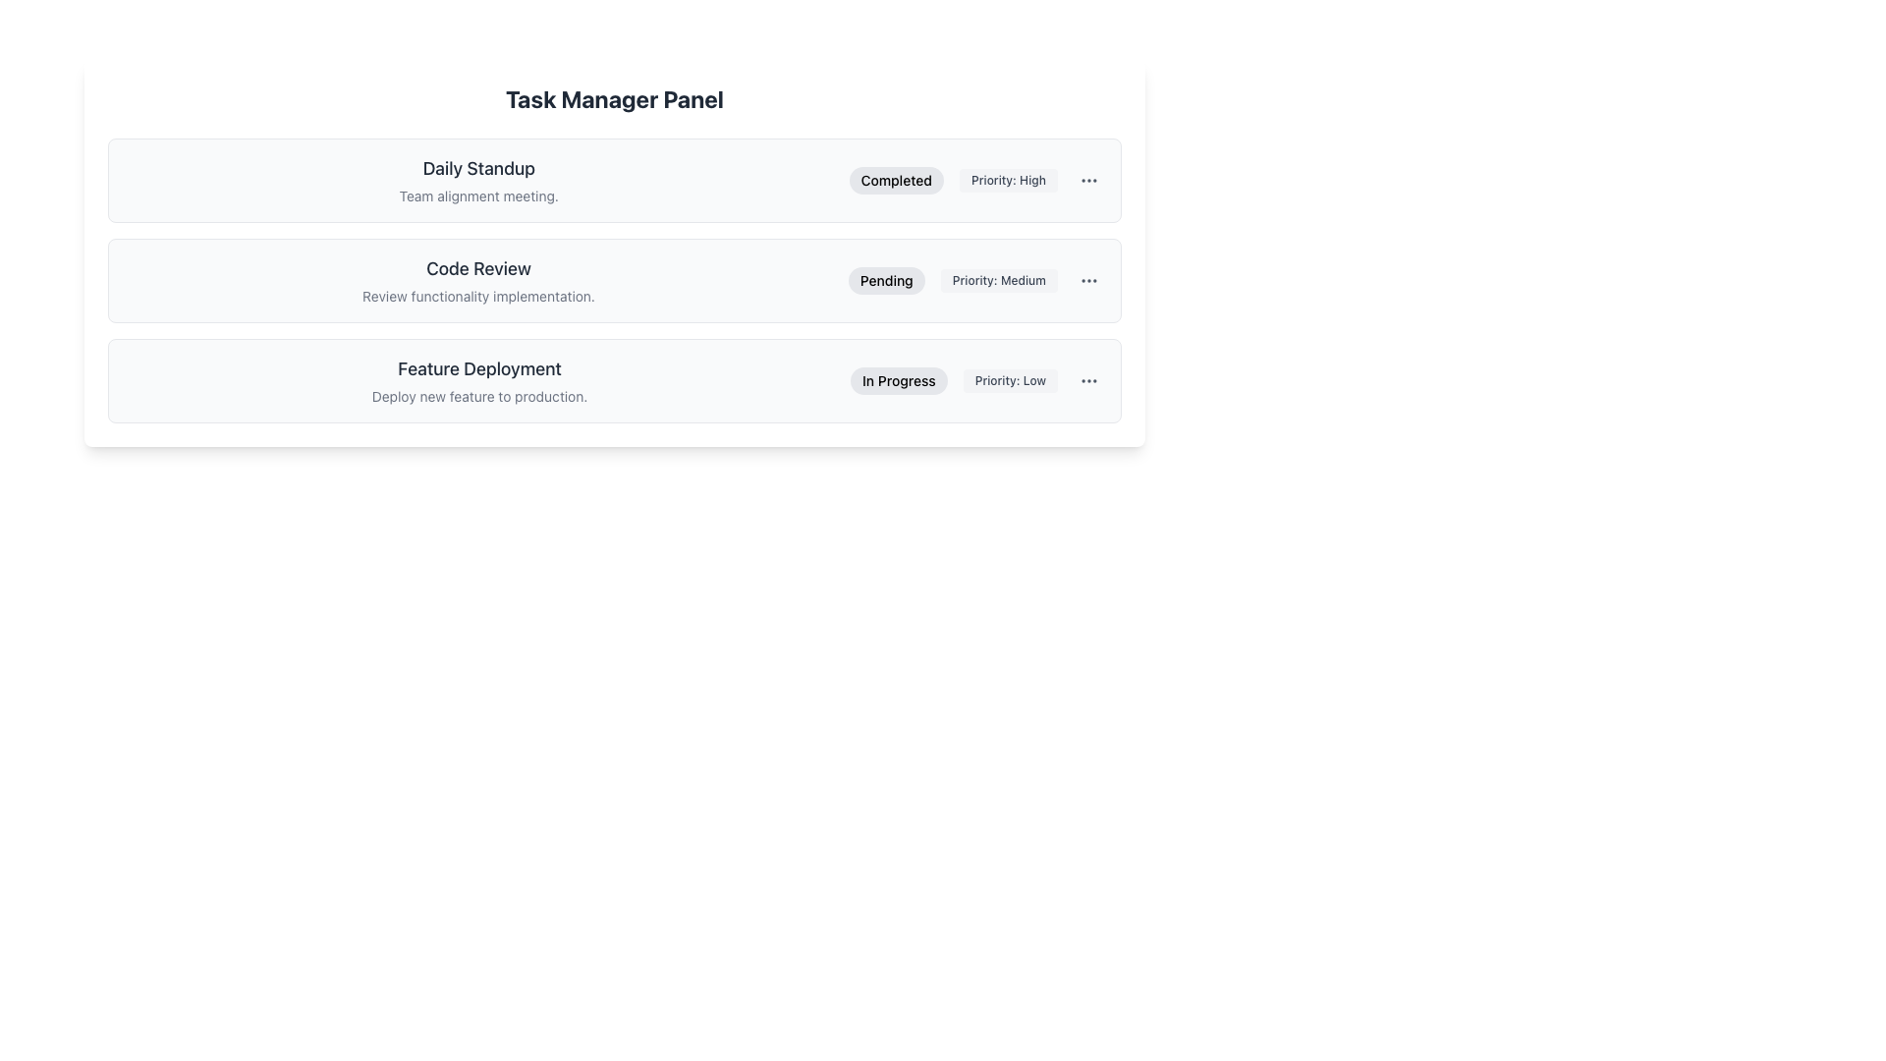  I want to click on the 'High' priority status indicator text label located in the first task card under the 'Task Manager Panel', positioned between the 'Completed' status label and an ellipsis icon, so click(1009, 181).